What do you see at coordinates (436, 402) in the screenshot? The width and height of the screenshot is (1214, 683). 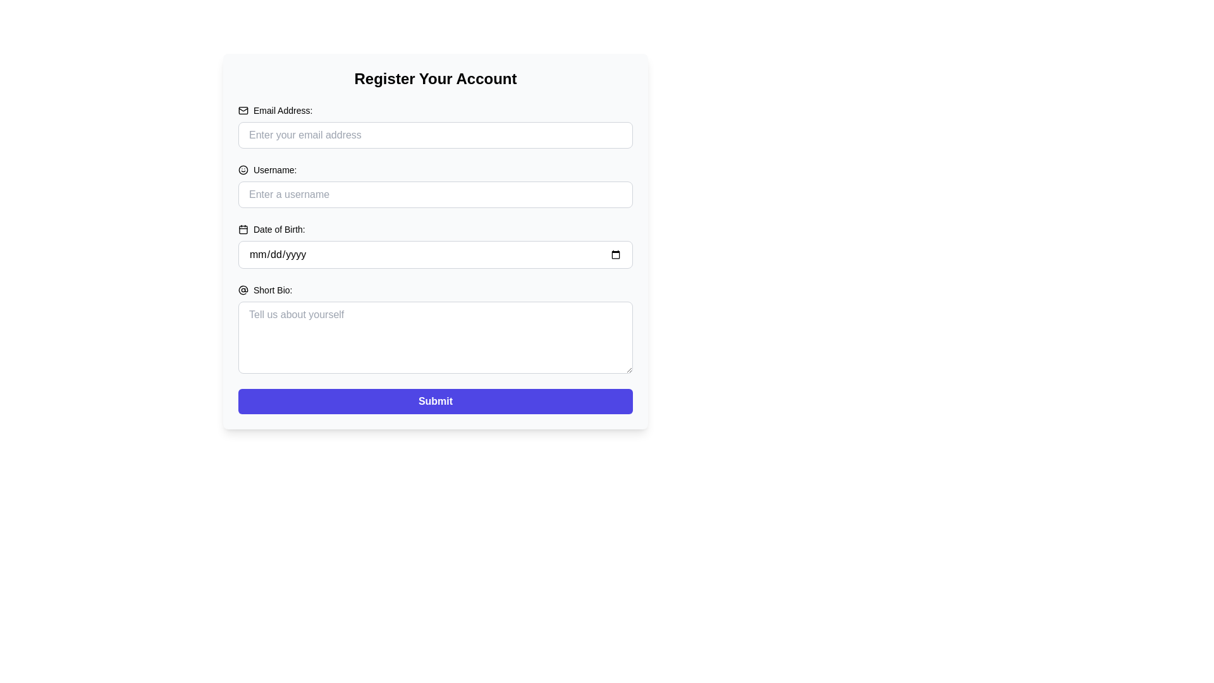 I see `the 'Submit' button, which is a rectangular button with white text on a purple background located at the bottom of the form` at bounding box center [436, 402].